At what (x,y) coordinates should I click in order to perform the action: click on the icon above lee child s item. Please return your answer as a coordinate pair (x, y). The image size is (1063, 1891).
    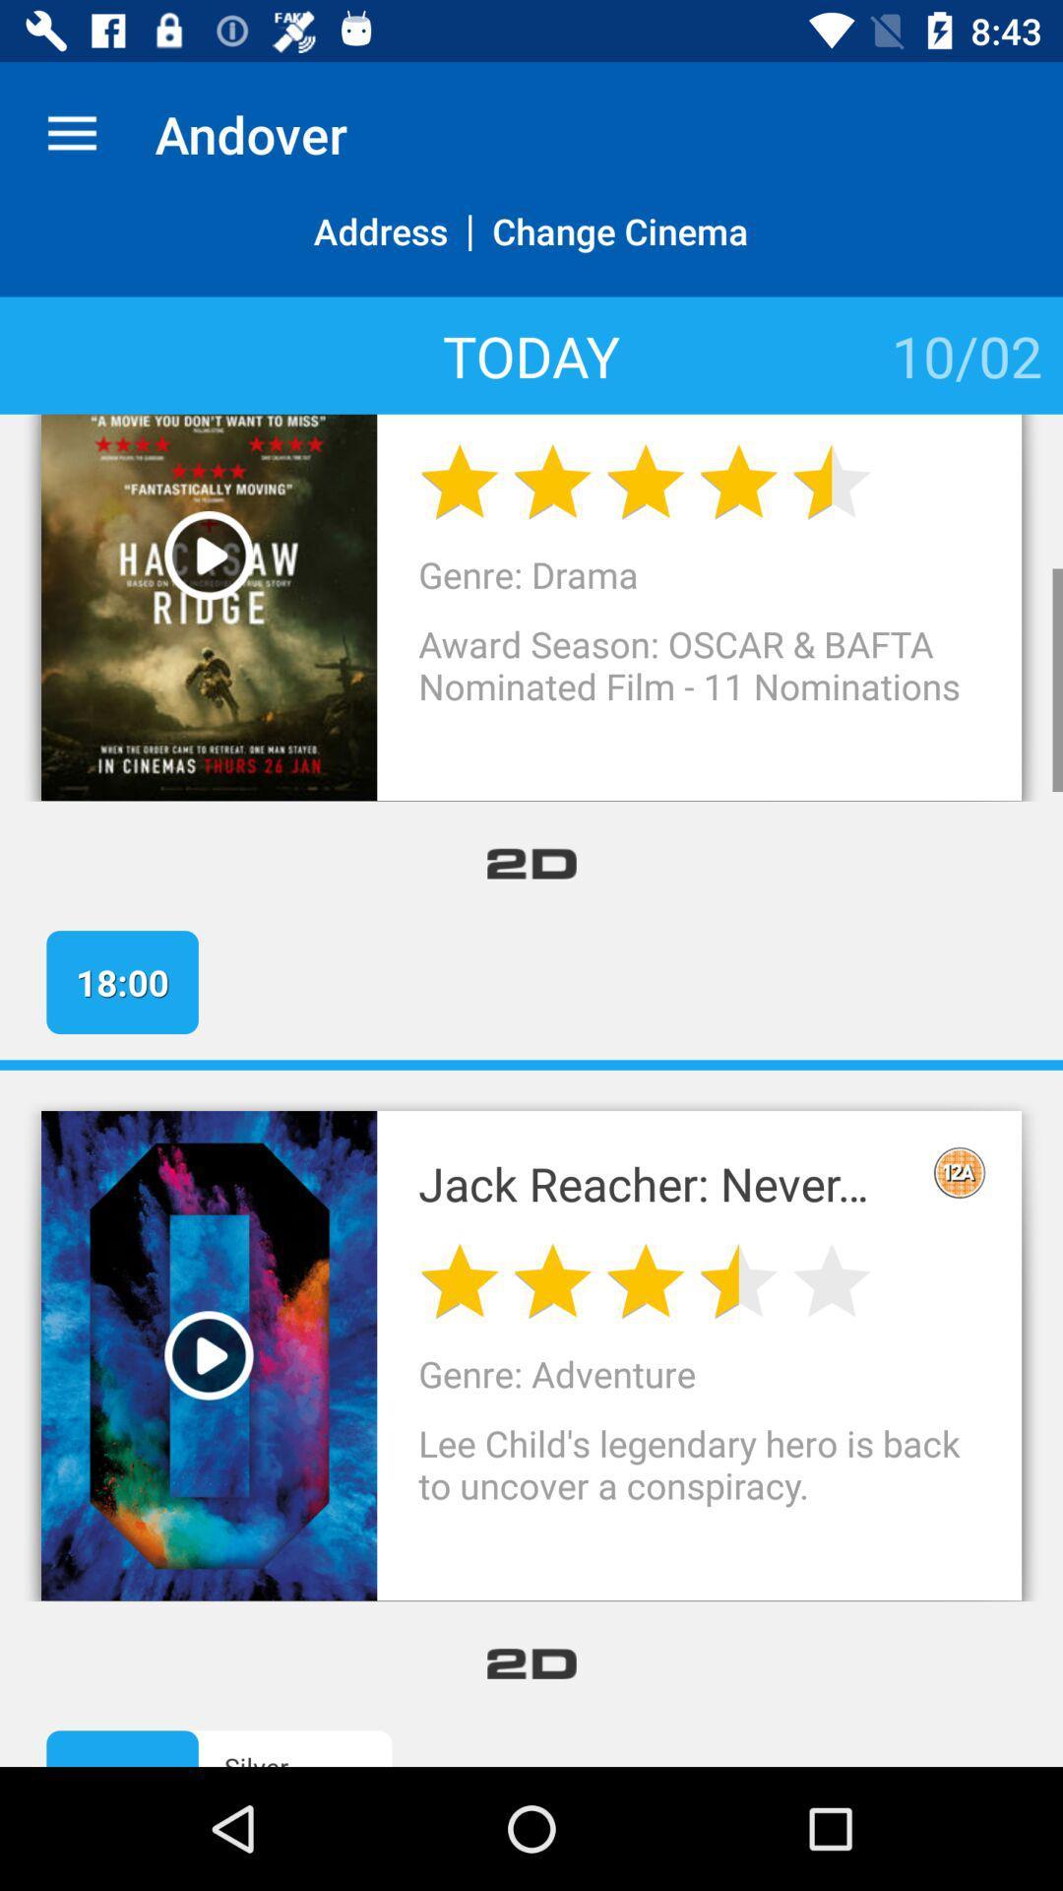
    Looking at the image, I should click on (959, 1172).